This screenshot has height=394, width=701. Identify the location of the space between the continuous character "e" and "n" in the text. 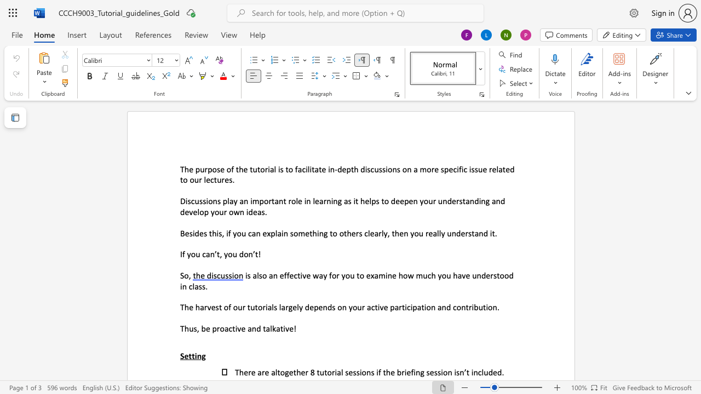
(403, 233).